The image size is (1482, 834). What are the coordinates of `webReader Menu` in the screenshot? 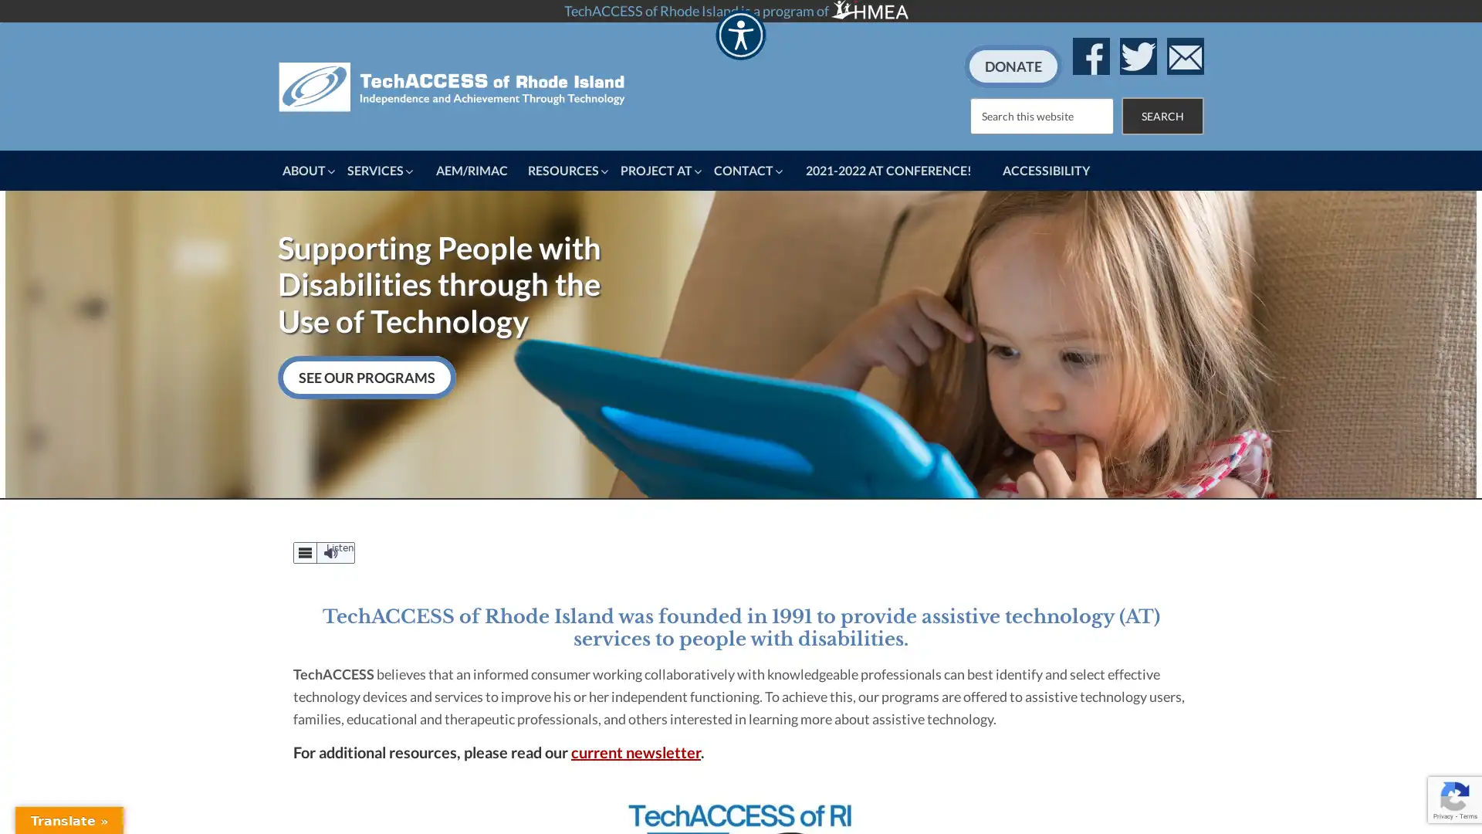 It's located at (305, 551).